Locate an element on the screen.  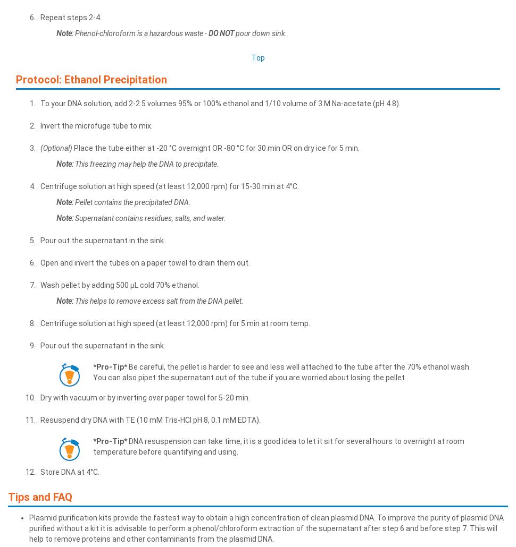
'Open and invert the tubes on a paper towel to drain them out.' is located at coordinates (144, 261).